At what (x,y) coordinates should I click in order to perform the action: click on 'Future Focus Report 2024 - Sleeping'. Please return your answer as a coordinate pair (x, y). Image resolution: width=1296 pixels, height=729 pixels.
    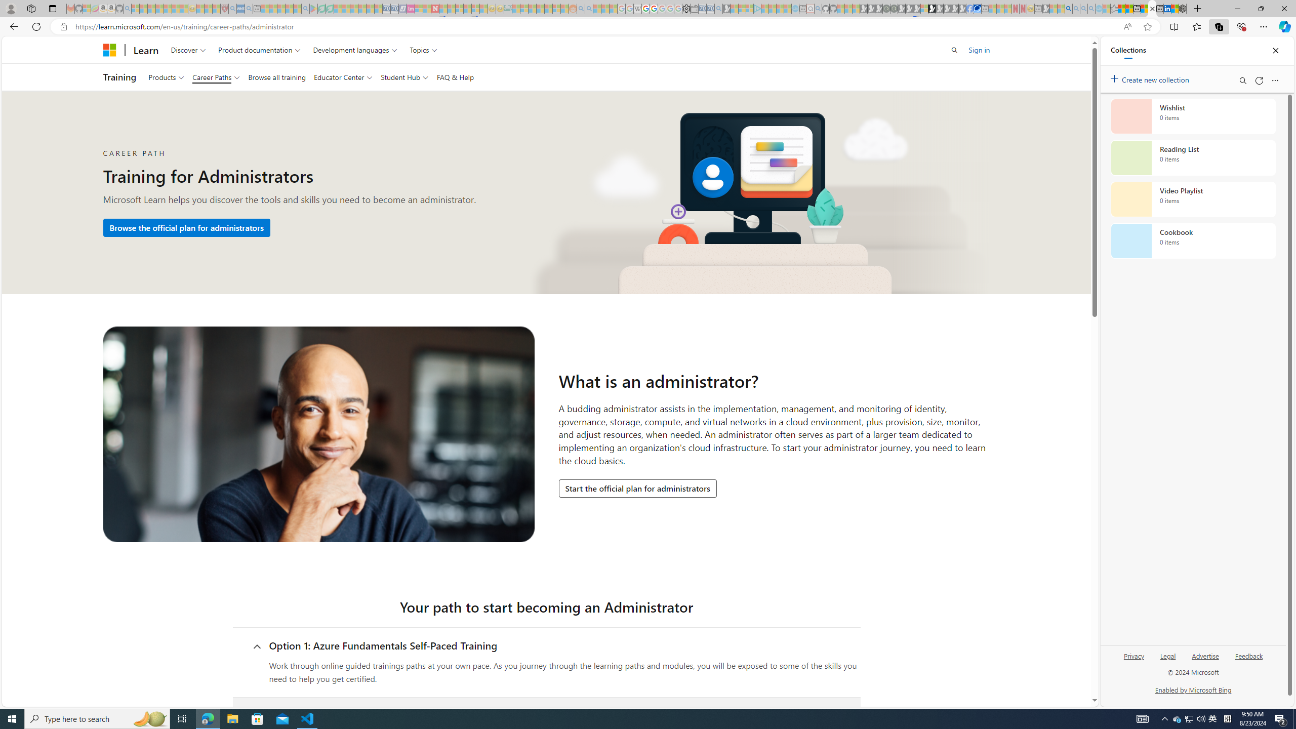
    Looking at the image, I should click on (894, 8).